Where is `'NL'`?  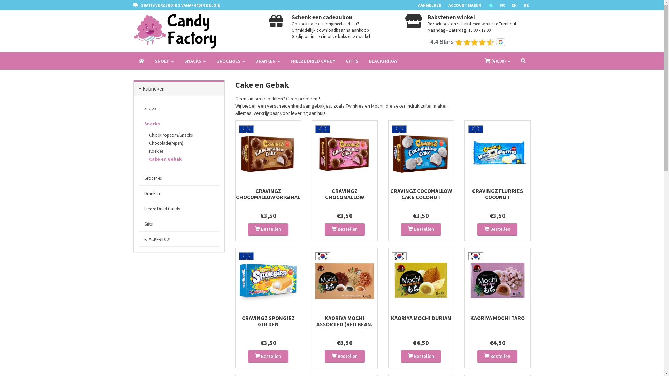 'NL' is located at coordinates (493, 5).